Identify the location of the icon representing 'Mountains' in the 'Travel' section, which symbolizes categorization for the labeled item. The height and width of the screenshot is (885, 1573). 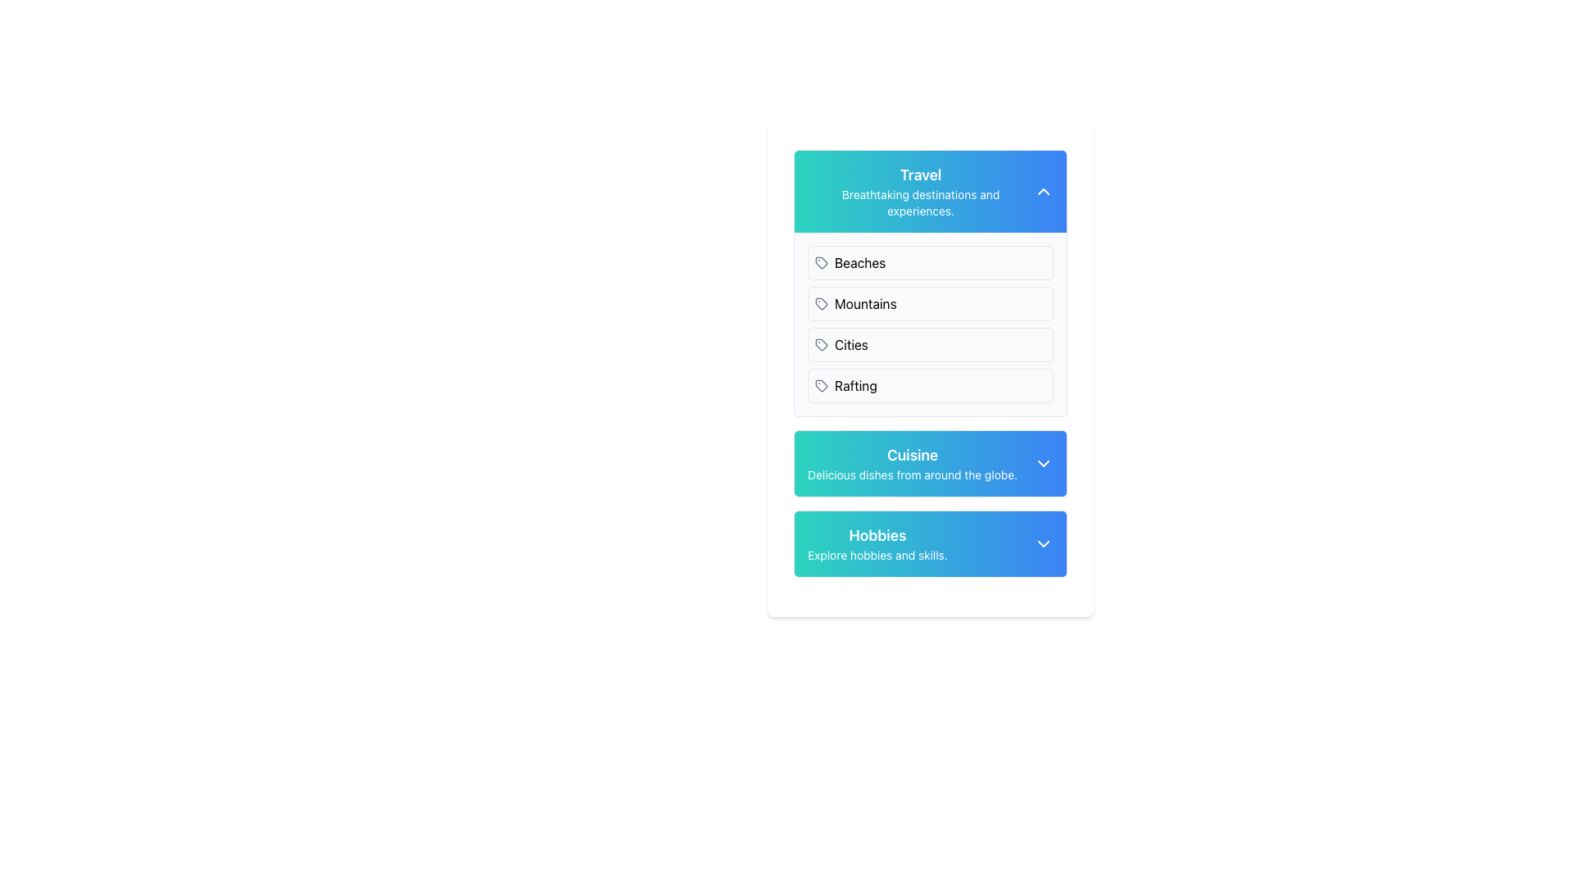
(822, 303).